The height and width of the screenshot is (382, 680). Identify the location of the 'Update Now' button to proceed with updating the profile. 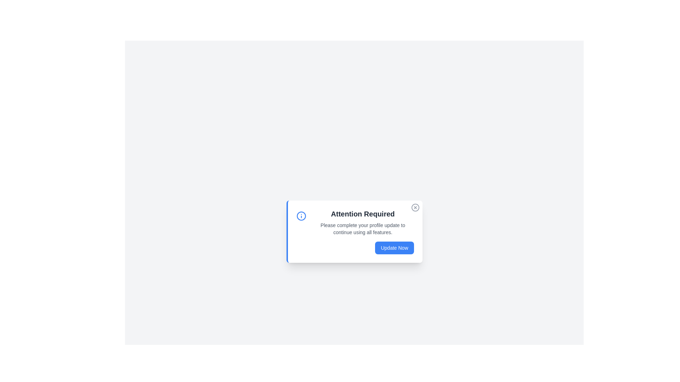
(394, 248).